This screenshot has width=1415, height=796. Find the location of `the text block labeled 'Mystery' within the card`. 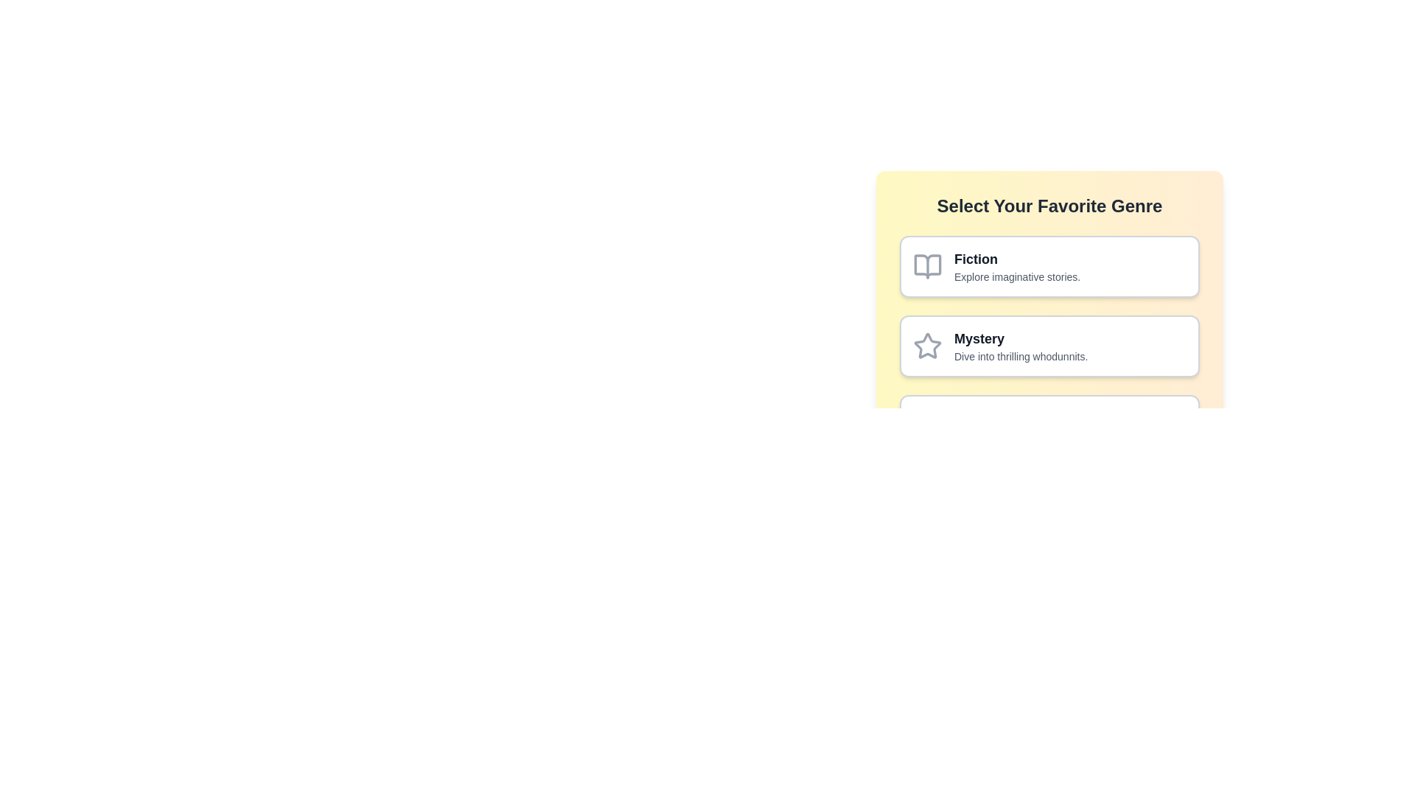

the text block labeled 'Mystery' within the card is located at coordinates (1020, 346).